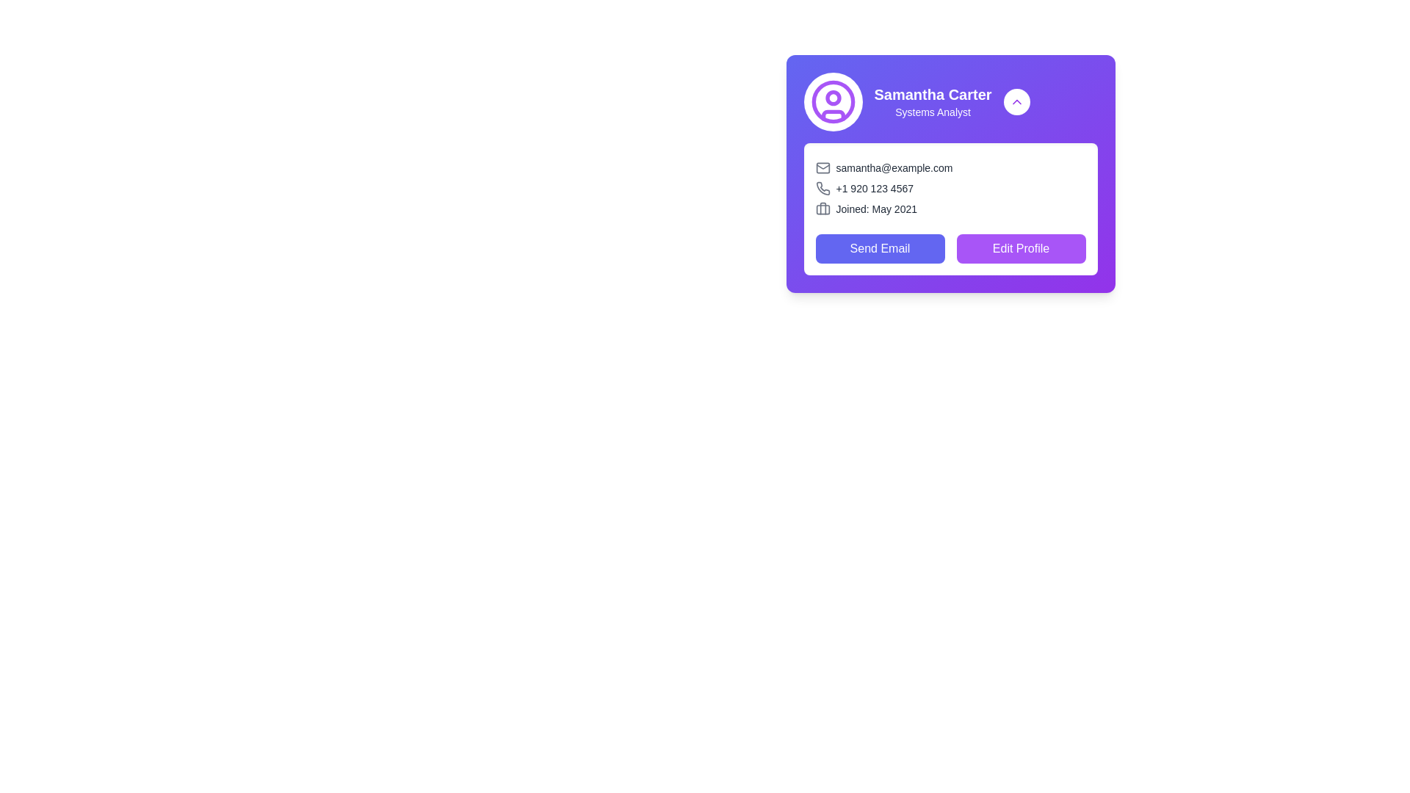  What do you see at coordinates (1016, 101) in the screenshot?
I see `the circular button with a white background and purple border located in the top-right corner of the profile card for 'Samantha Carter'` at bounding box center [1016, 101].